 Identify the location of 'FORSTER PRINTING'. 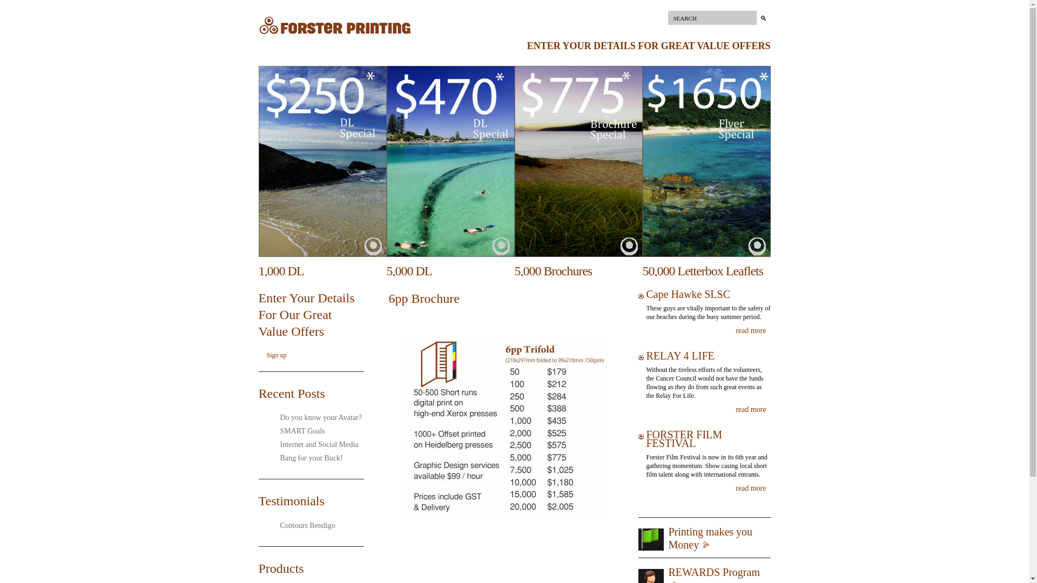
(334, 34).